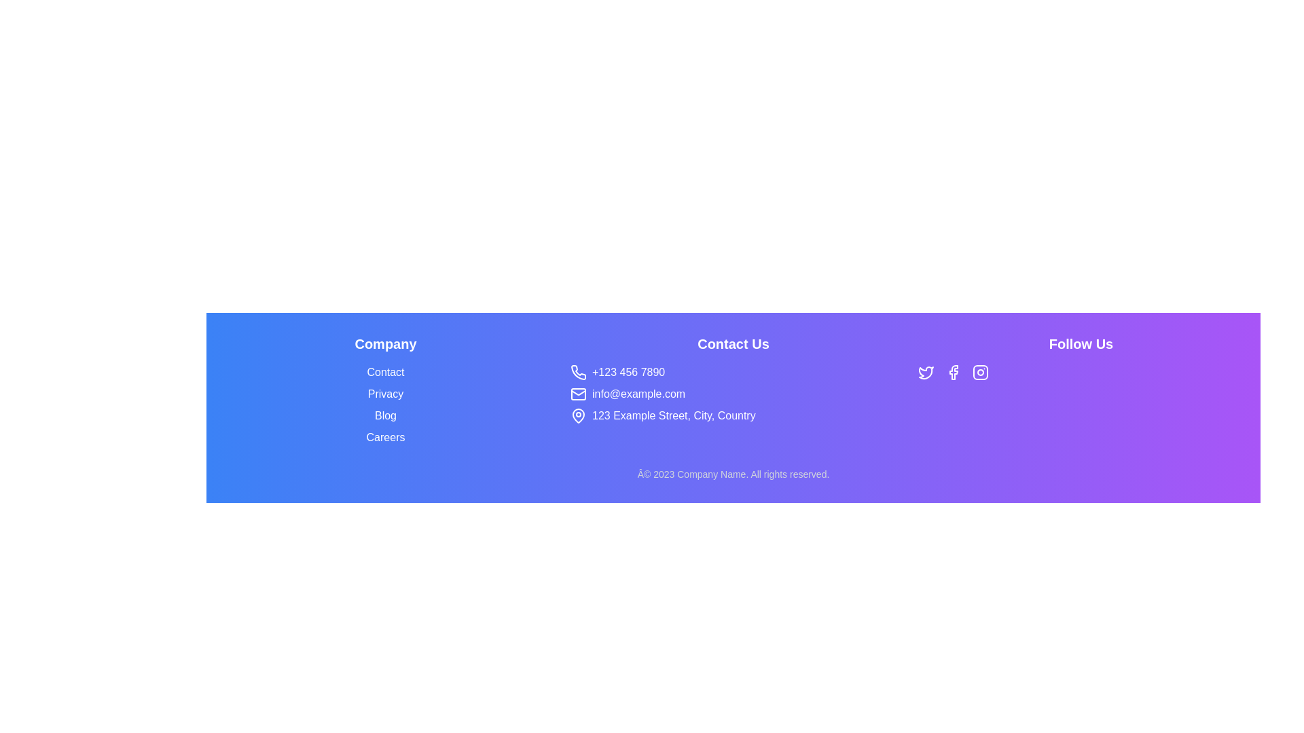 Image resolution: width=1304 pixels, height=733 pixels. Describe the element at coordinates (384, 372) in the screenshot. I see `the first hyperlink under the 'Company' heading` at that location.